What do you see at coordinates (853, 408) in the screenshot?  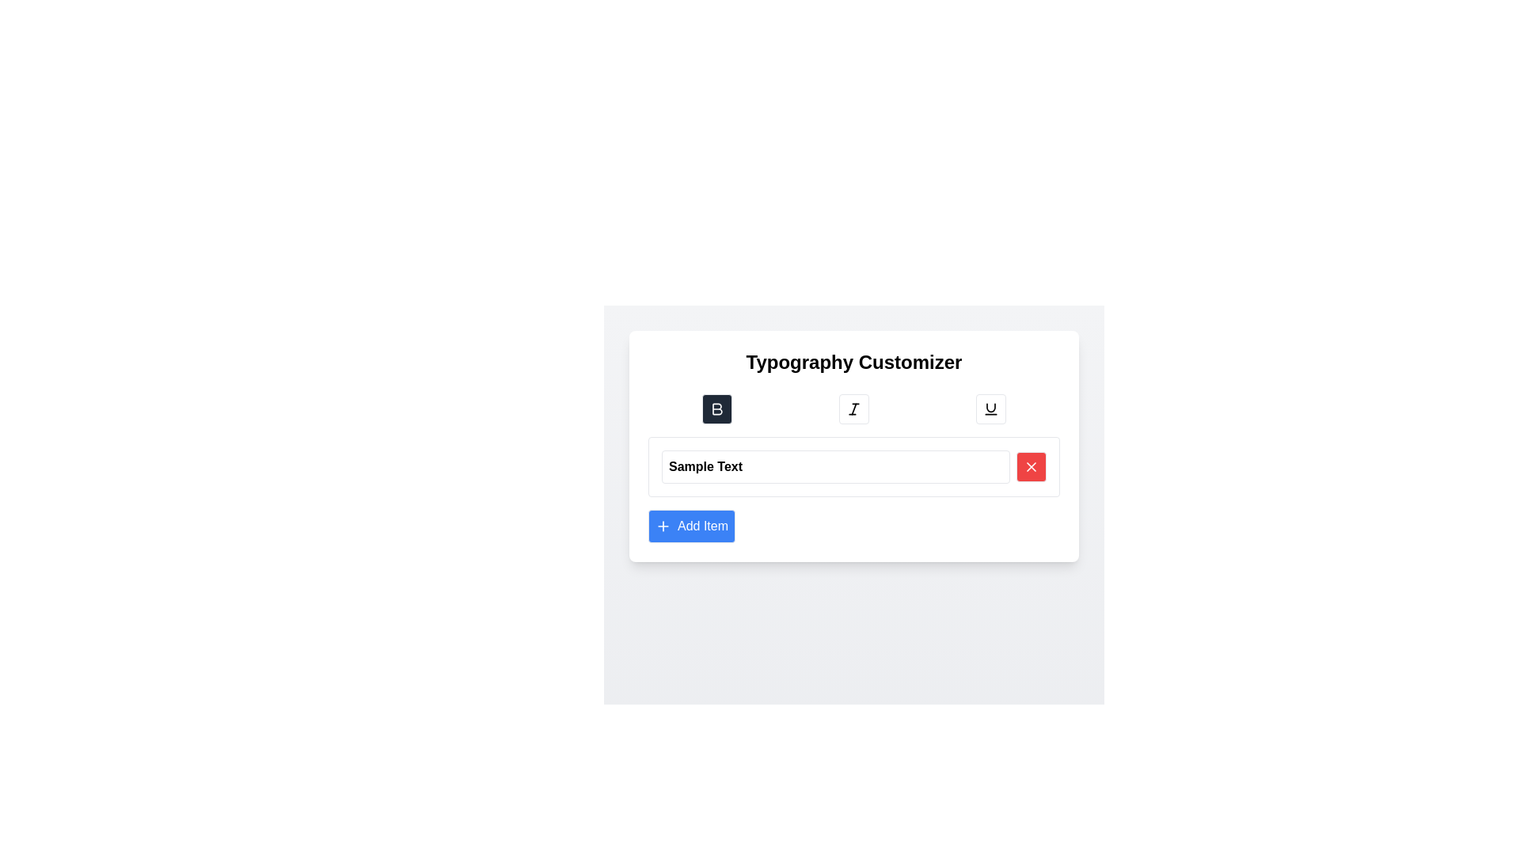 I see `the middle button in the row of three buttons` at bounding box center [853, 408].